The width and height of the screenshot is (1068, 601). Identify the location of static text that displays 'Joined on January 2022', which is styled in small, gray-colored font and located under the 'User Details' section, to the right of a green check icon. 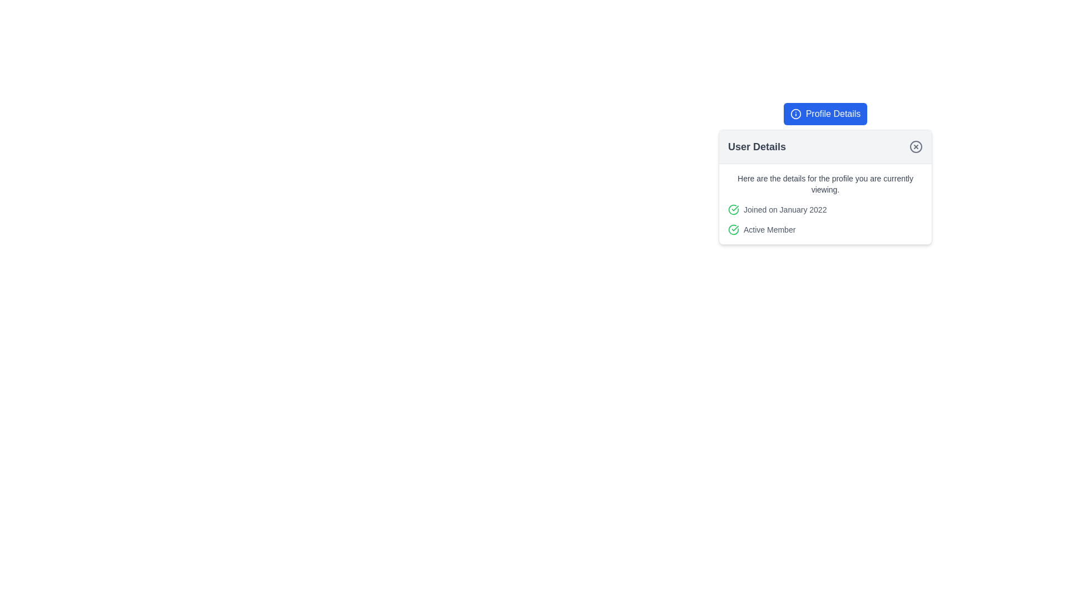
(784, 210).